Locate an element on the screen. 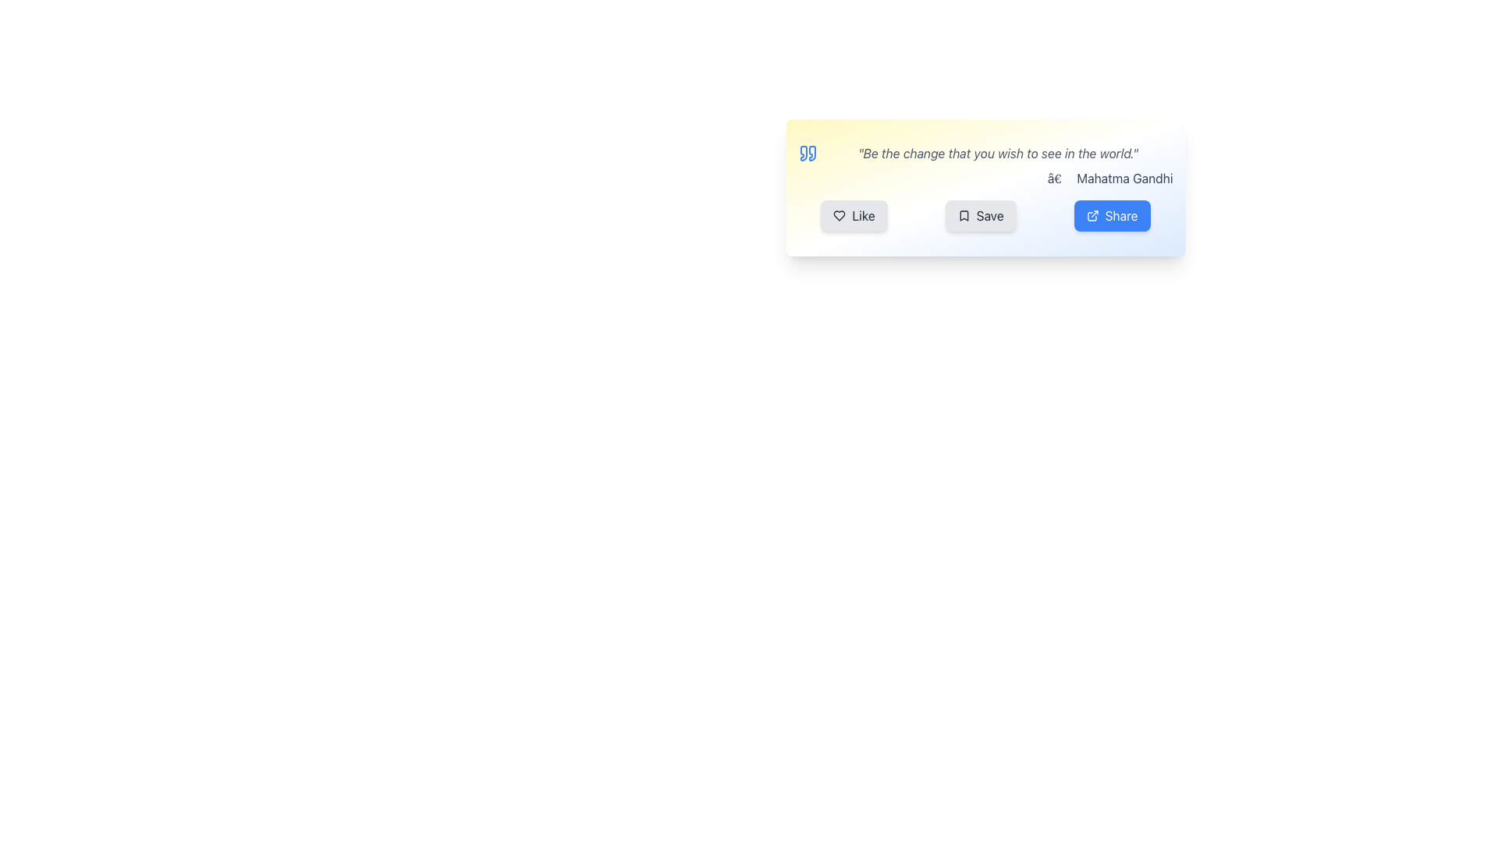  the heart icon embedded in the 'Like' button to like the quote is located at coordinates (839, 216).